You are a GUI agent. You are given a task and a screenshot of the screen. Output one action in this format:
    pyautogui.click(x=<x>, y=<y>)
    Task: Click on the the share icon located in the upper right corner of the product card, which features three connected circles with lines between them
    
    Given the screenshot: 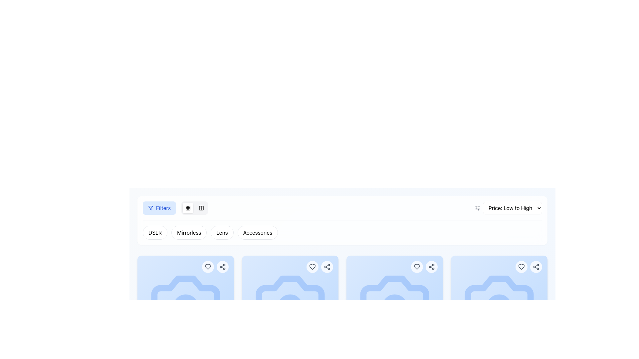 What is the action you would take?
    pyautogui.click(x=431, y=266)
    